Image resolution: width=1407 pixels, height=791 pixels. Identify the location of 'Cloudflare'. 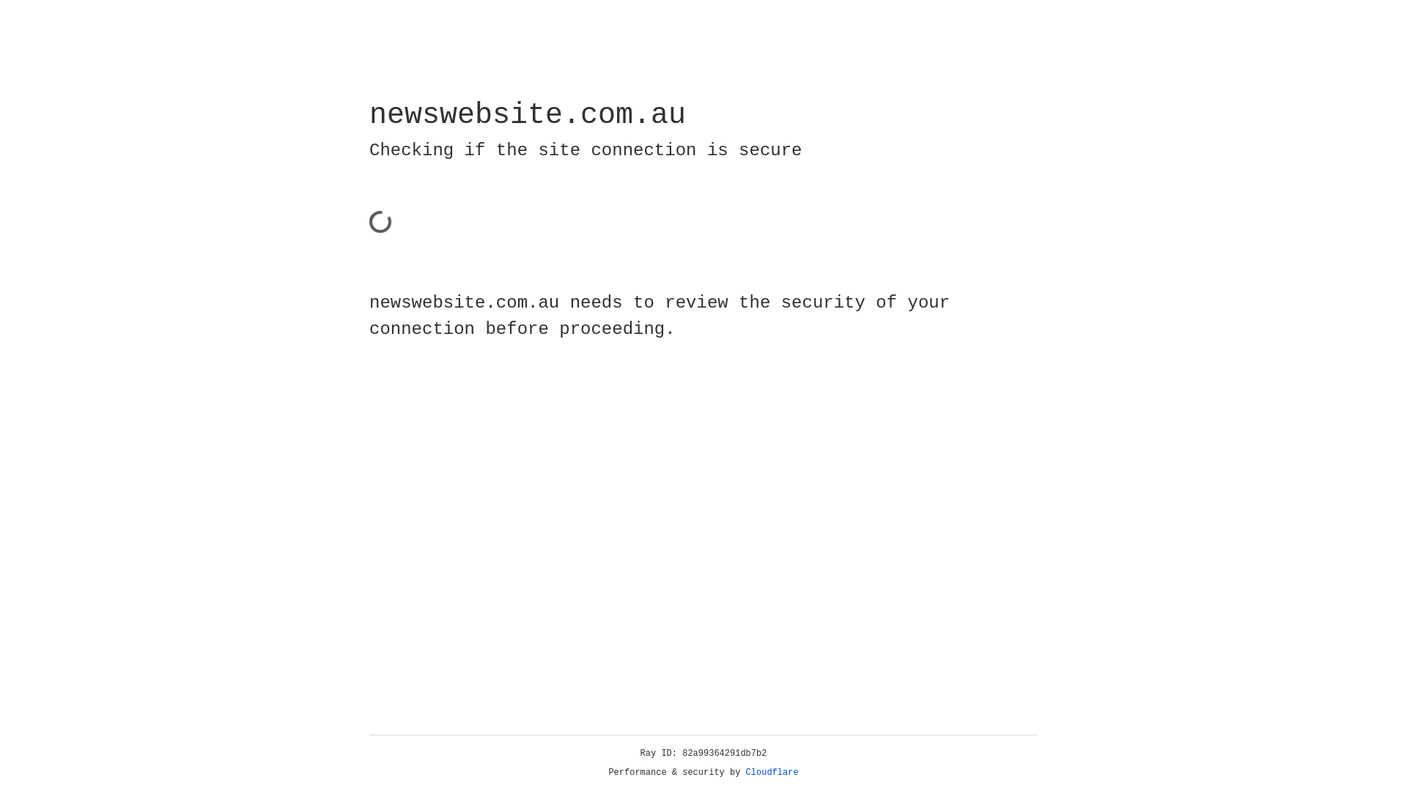
(772, 772).